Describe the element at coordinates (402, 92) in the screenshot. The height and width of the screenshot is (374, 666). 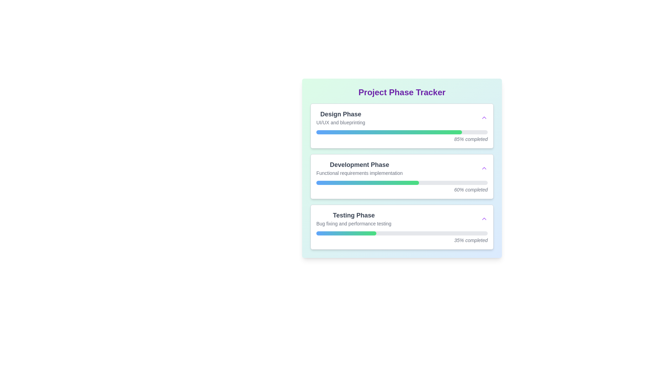
I see `the Static Text Header that reads 'Project Phase Tracker', which is a bold, centered headline in a large purple font located at the top of the section` at that location.